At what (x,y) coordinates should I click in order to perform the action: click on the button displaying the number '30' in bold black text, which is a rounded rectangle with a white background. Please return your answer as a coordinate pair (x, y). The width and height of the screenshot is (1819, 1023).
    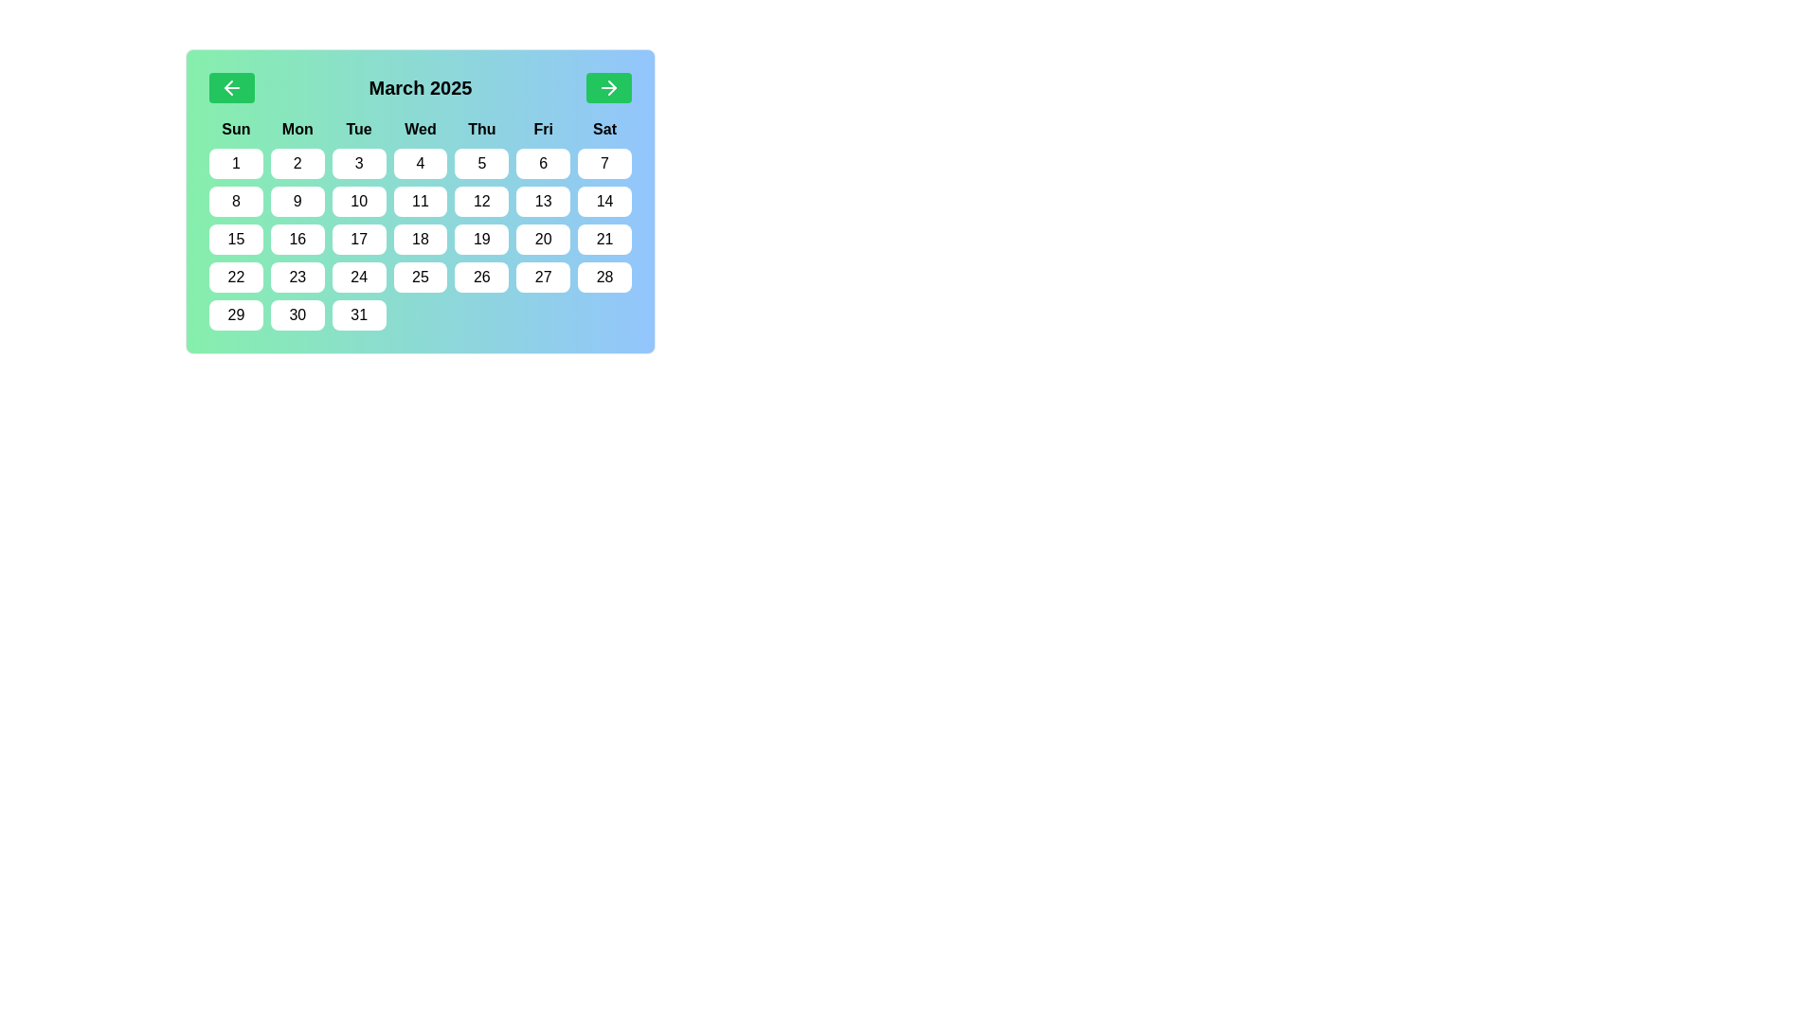
    Looking at the image, I should click on (297, 314).